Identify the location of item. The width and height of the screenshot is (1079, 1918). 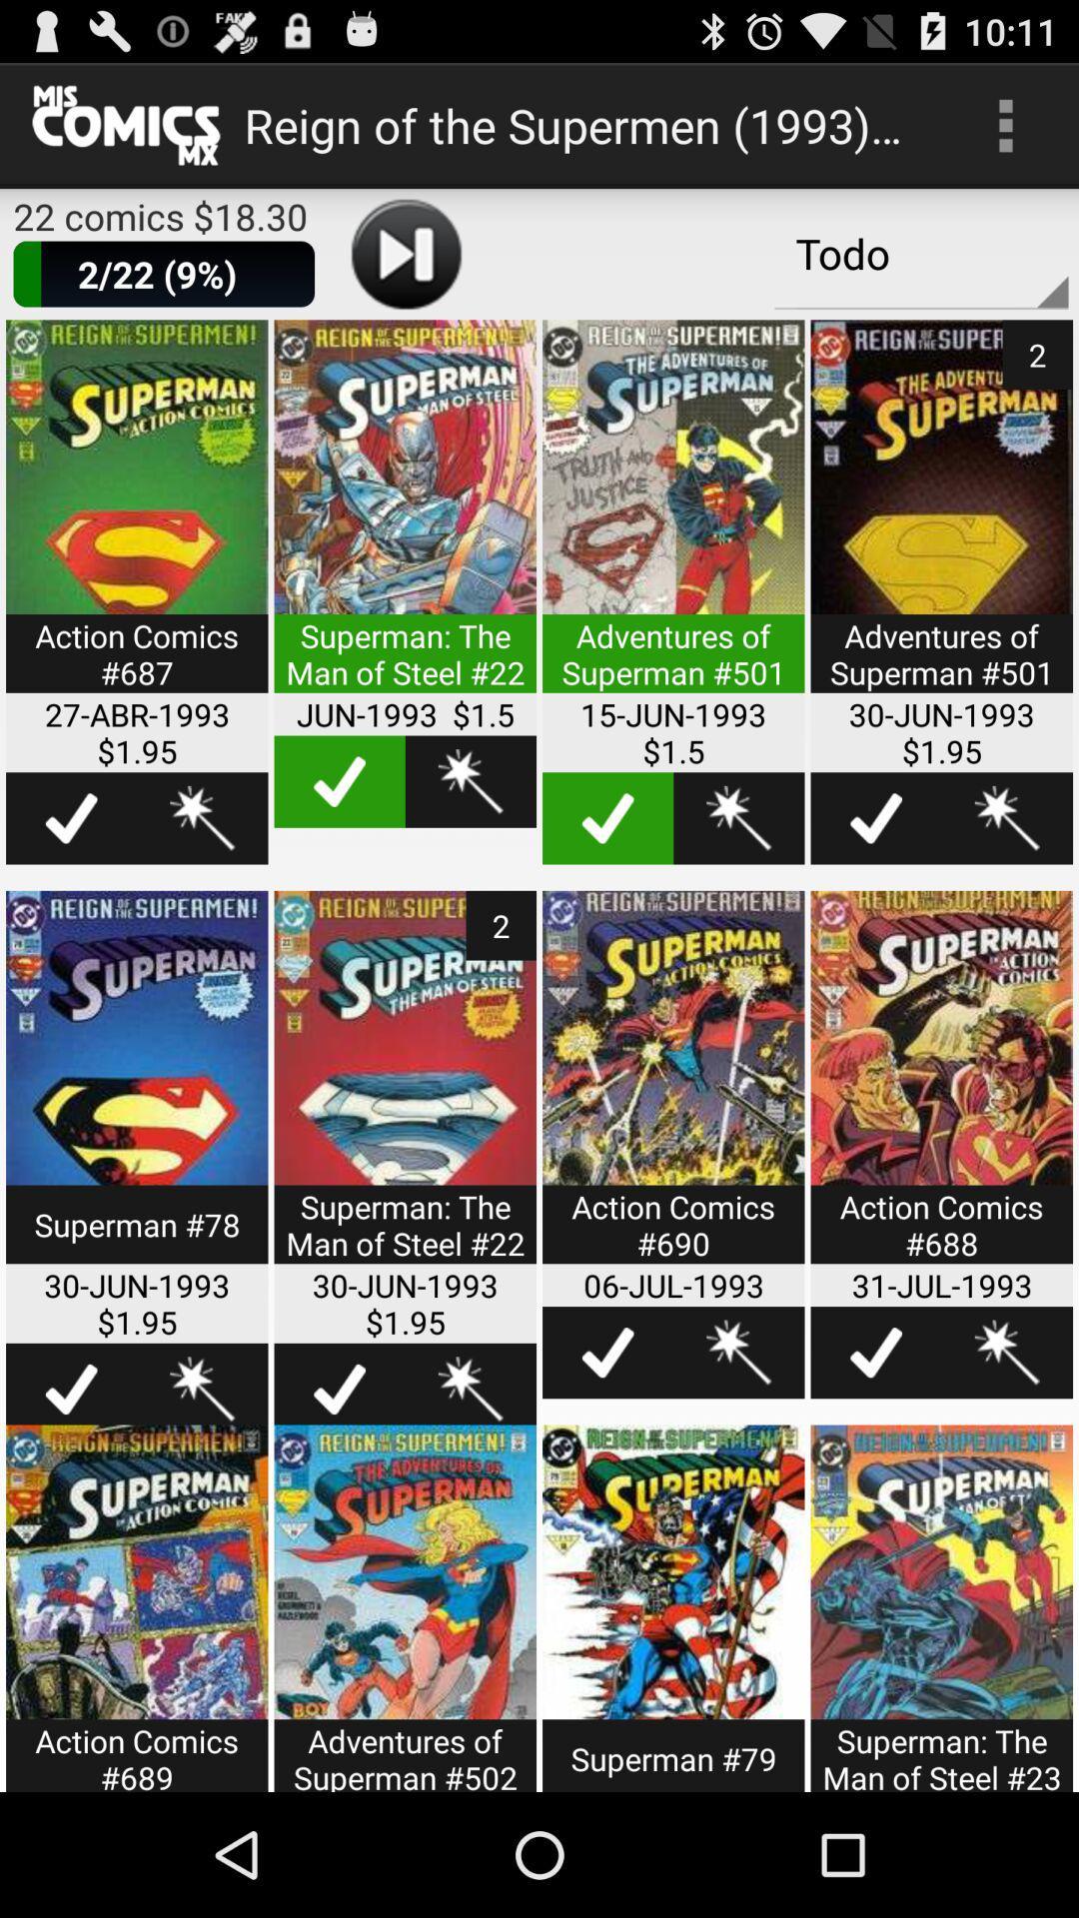
(941, 1608).